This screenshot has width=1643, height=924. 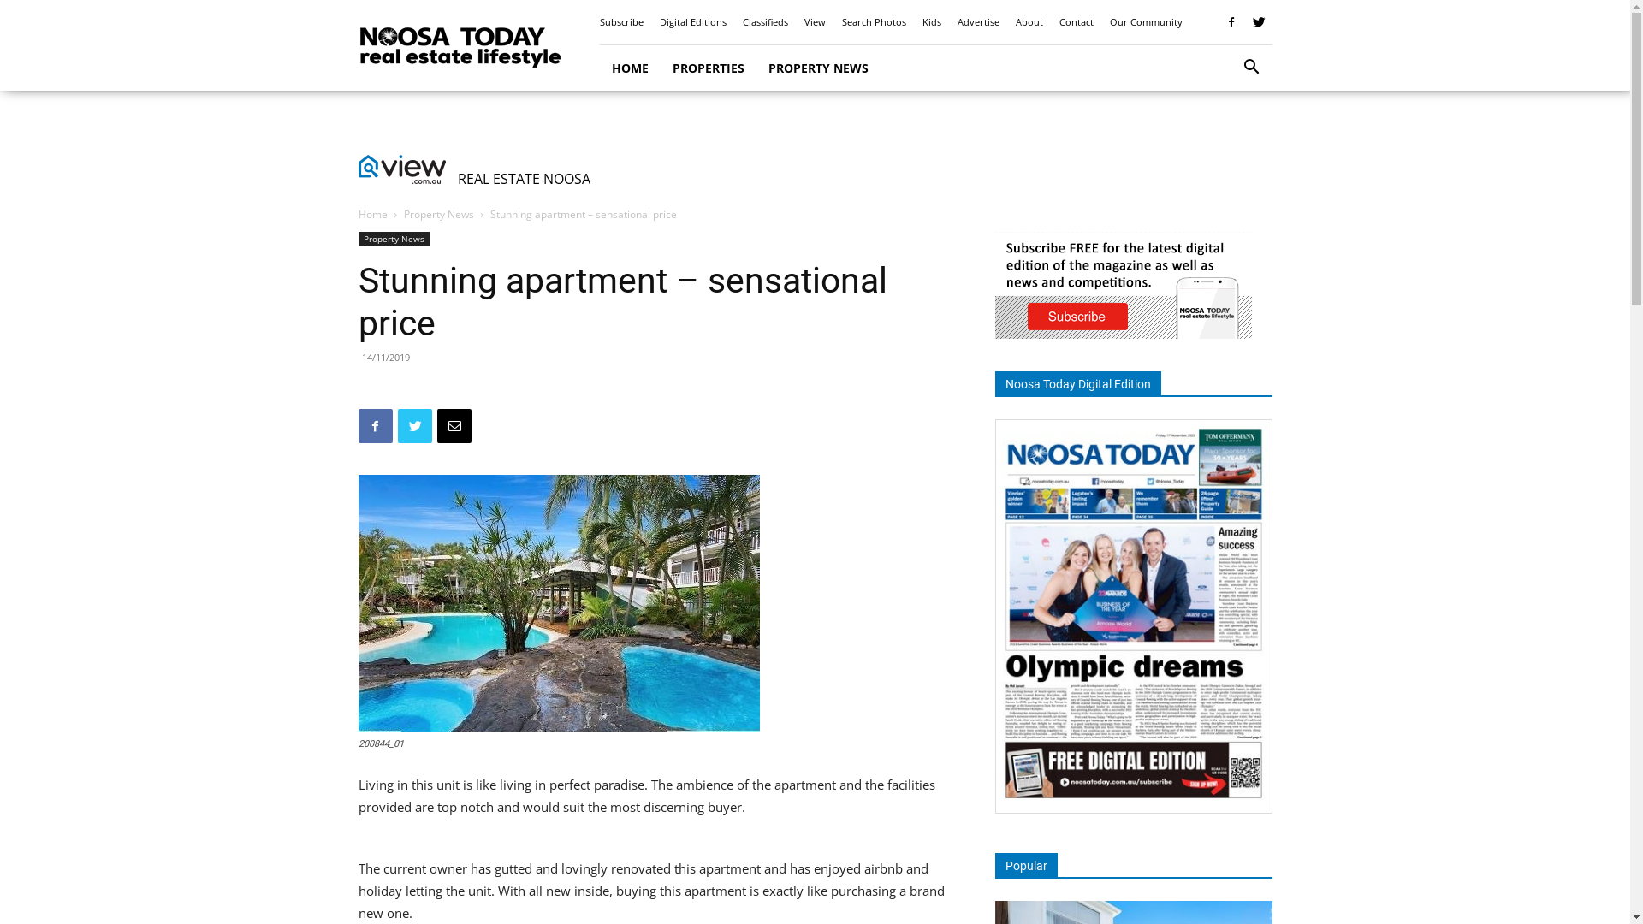 I want to click on 'Digital Editions', so click(x=692, y=21).